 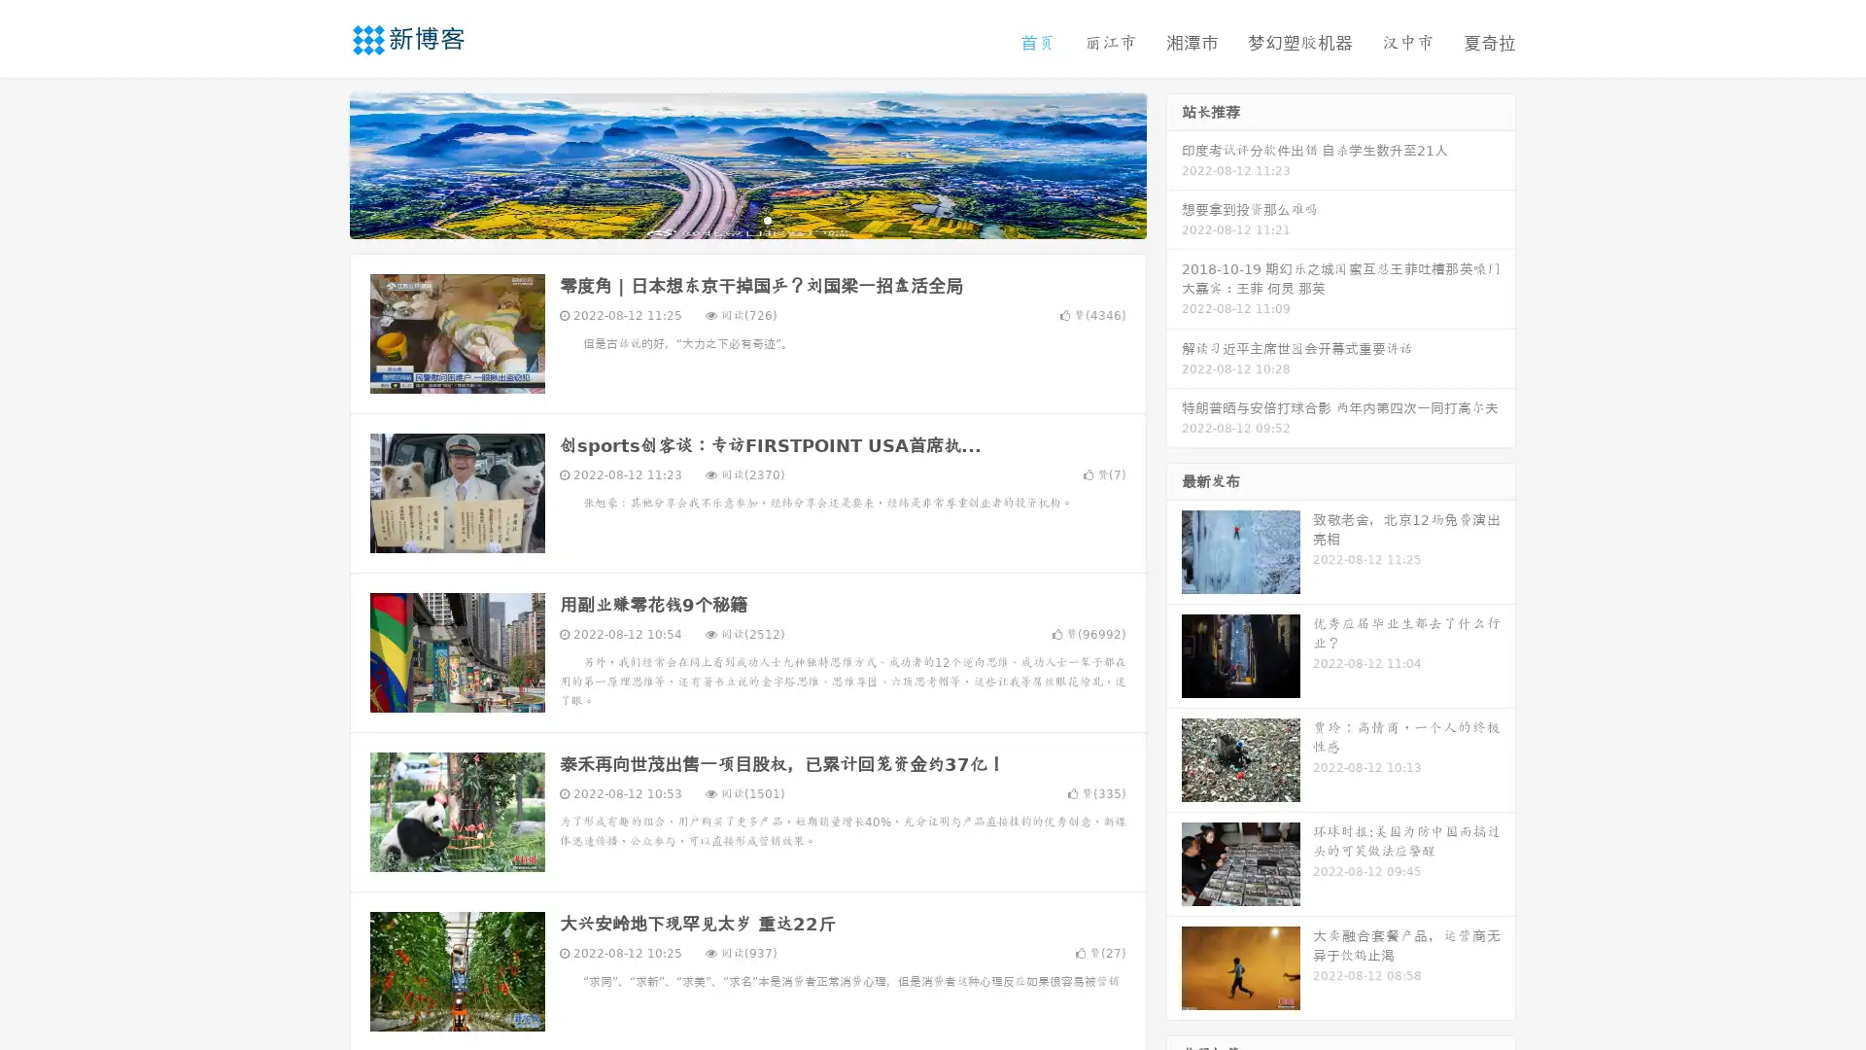 I want to click on Go to slide 2, so click(x=746, y=219).